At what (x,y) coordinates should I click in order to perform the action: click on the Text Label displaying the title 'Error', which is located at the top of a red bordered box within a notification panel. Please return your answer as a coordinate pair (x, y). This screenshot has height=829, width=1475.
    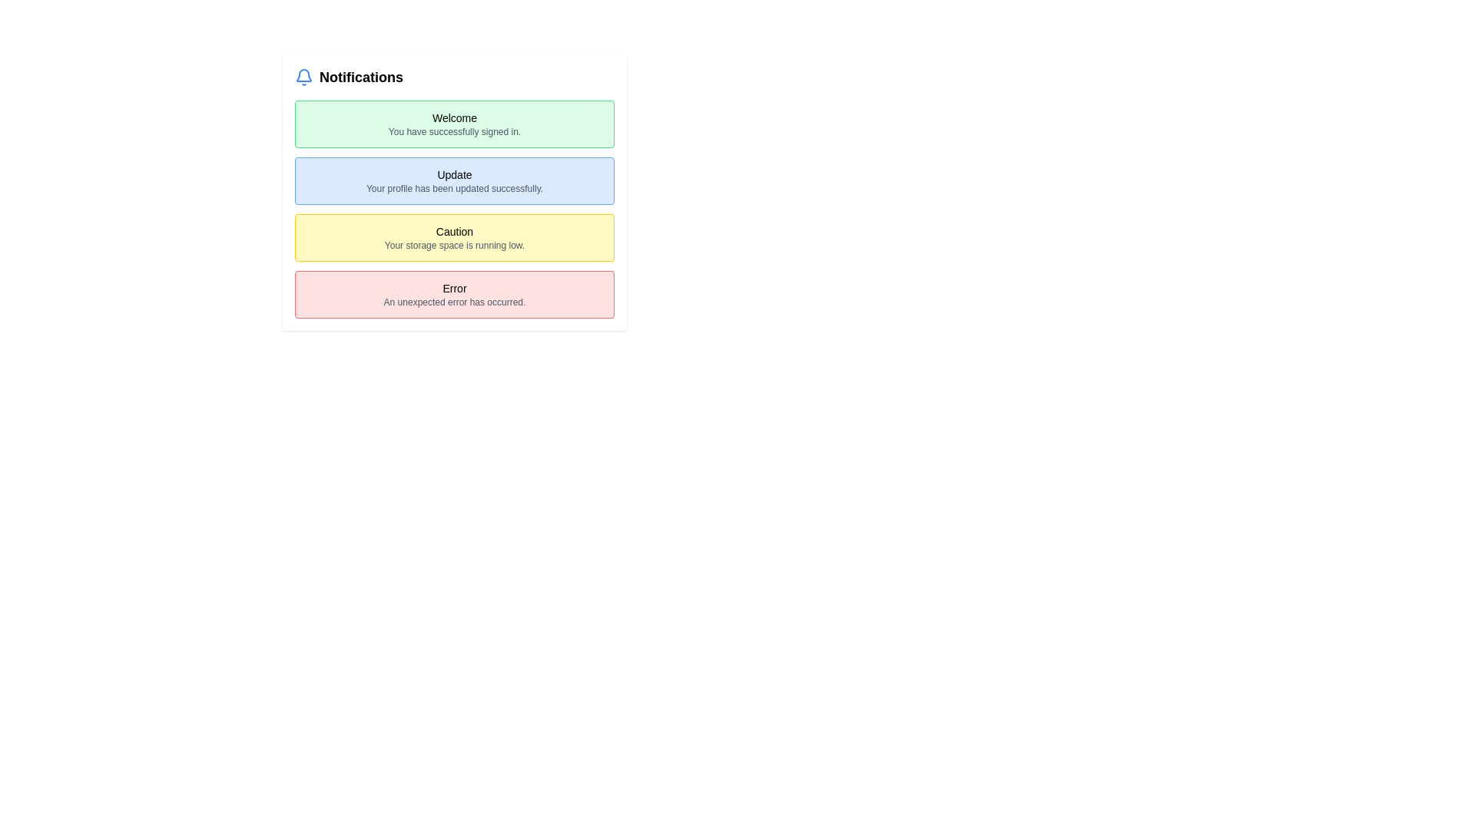
    Looking at the image, I should click on (453, 288).